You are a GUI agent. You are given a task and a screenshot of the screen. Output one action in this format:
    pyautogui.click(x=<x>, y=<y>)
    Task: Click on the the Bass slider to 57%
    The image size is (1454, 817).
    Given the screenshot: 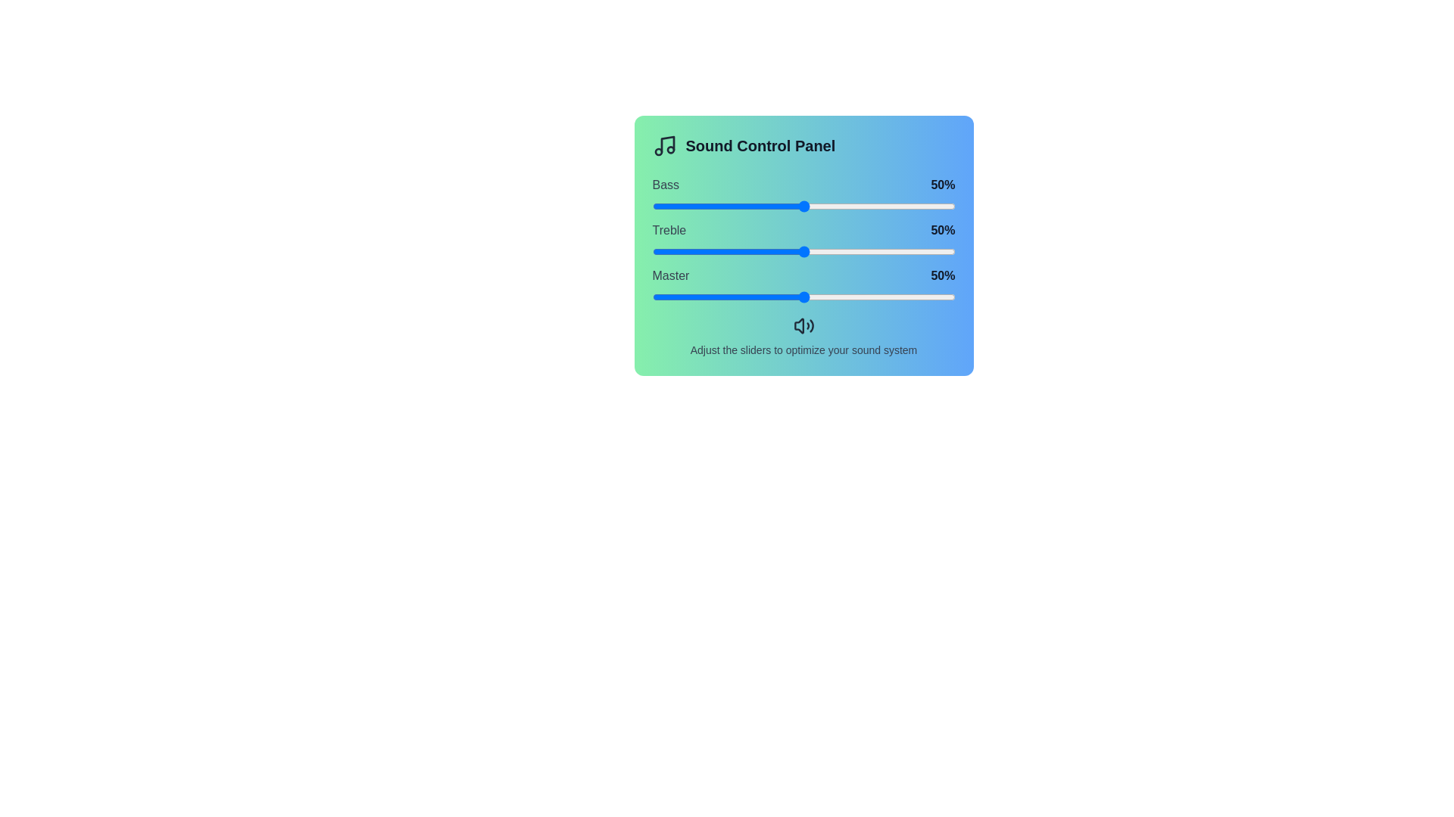 What is the action you would take?
    pyautogui.click(x=824, y=207)
    